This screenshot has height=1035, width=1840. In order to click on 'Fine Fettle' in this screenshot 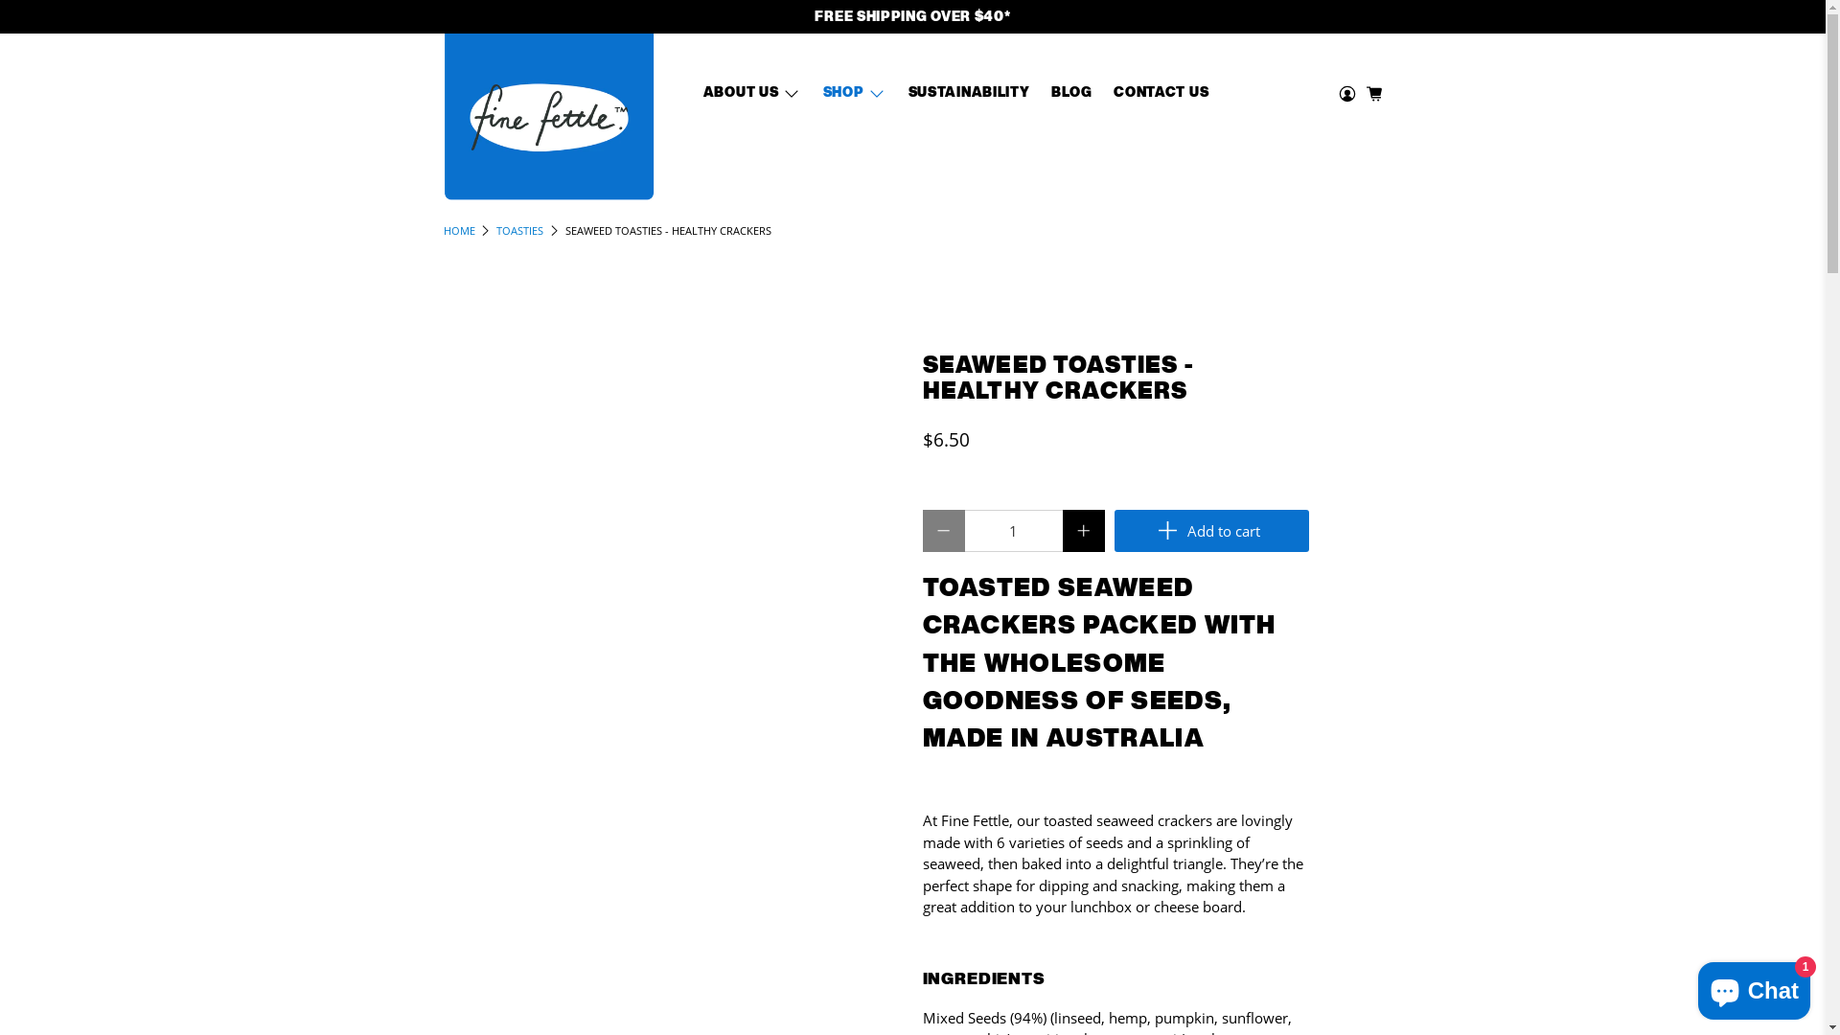, I will do `click(441, 117)`.